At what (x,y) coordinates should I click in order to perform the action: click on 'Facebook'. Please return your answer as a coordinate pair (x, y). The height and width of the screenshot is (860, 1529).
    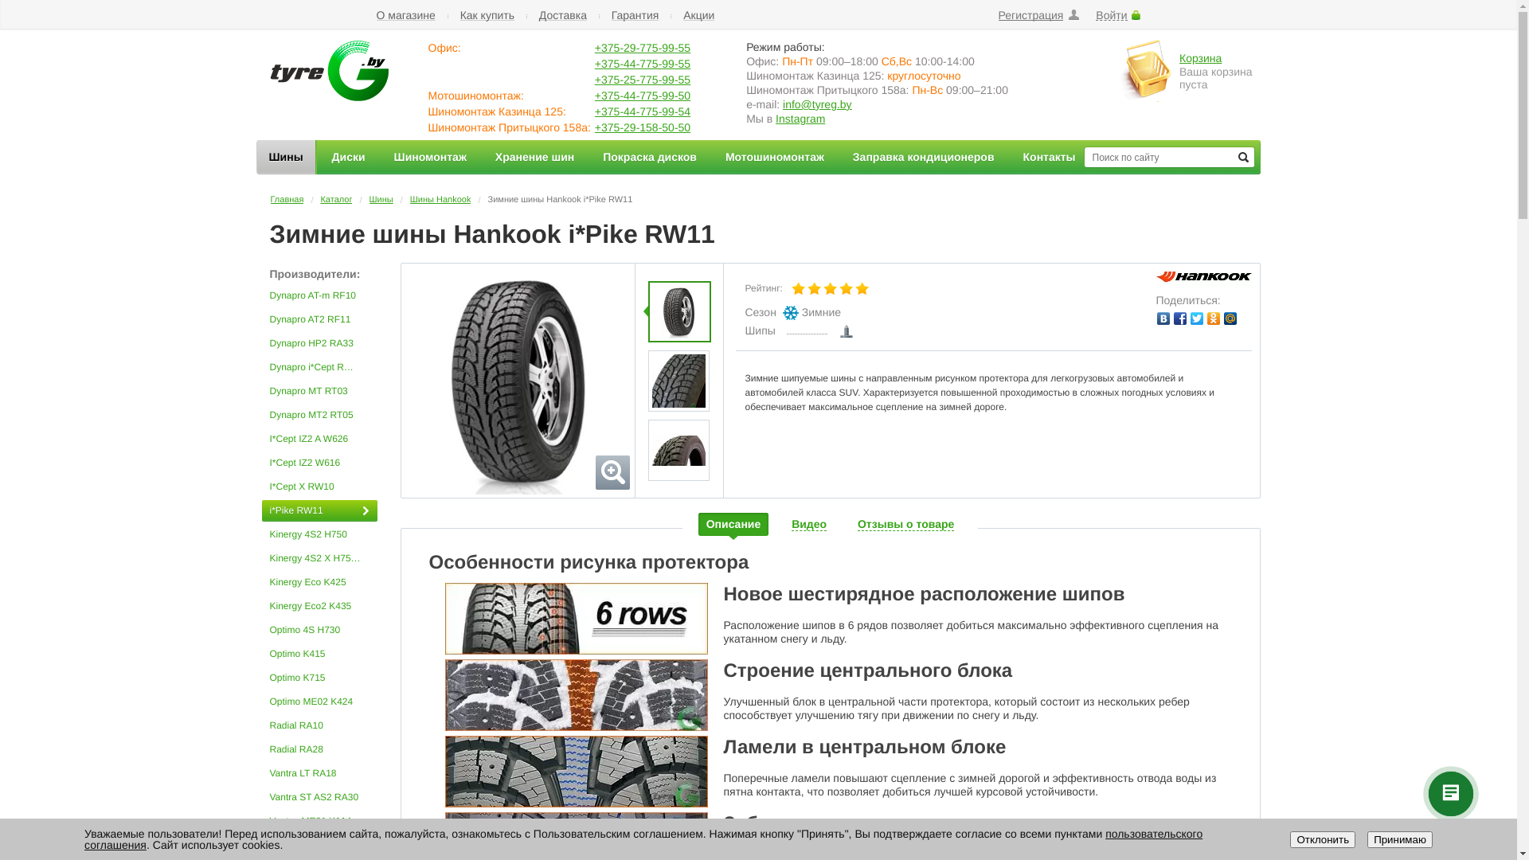
    Looking at the image, I should click on (1172, 319).